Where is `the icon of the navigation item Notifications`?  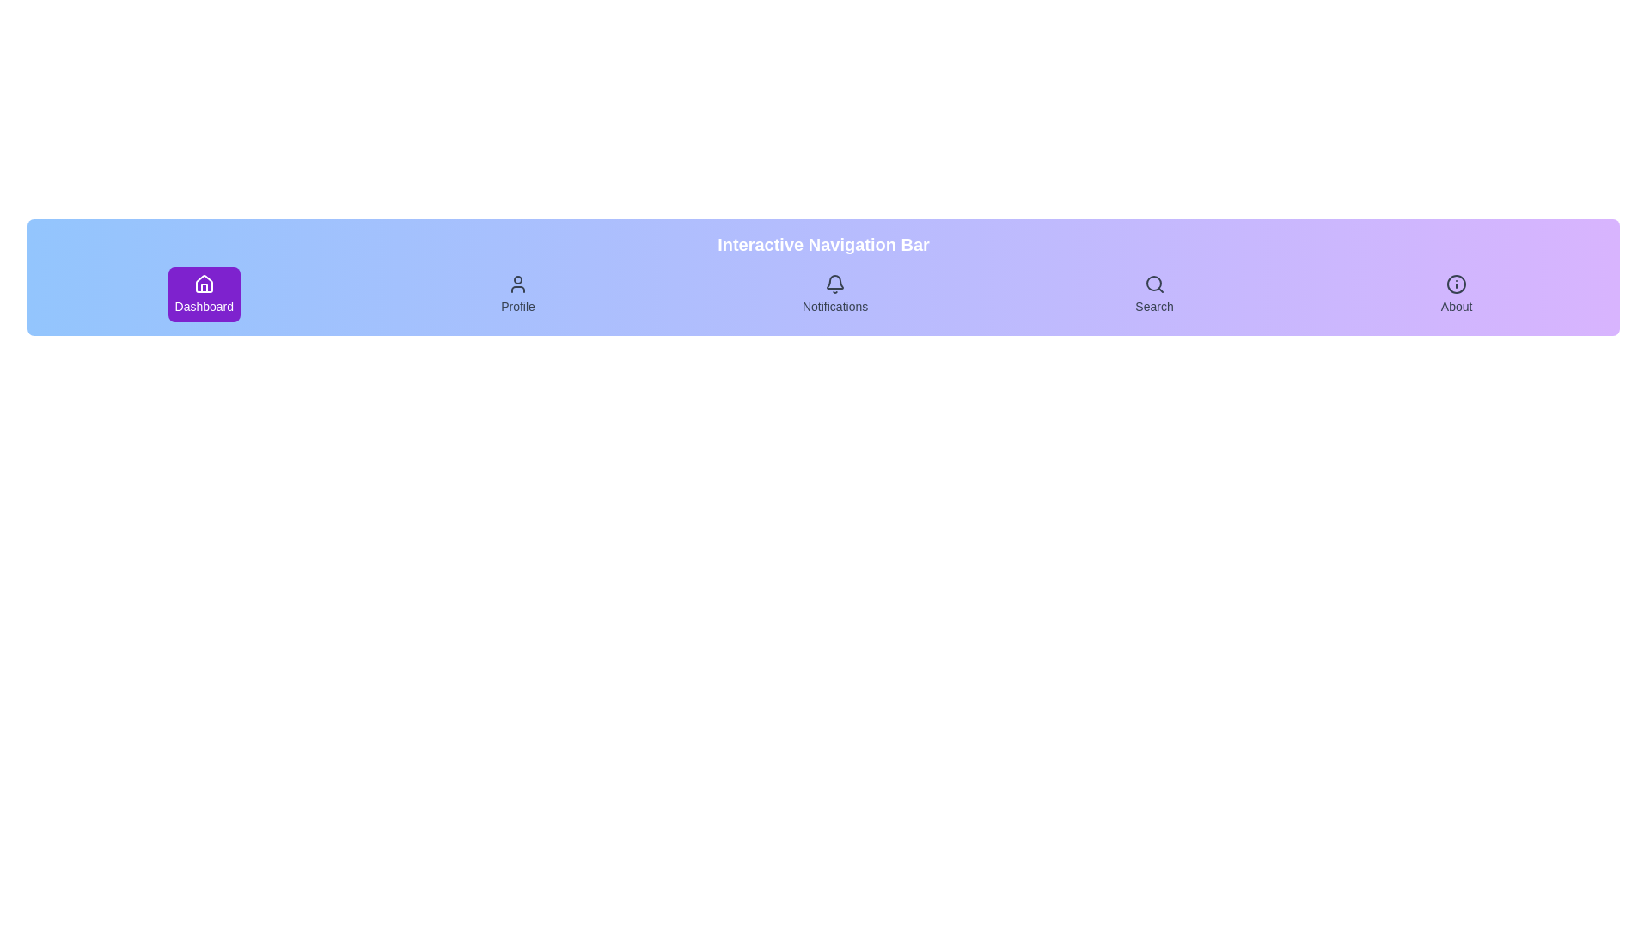
the icon of the navigation item Notifications is located at coordinates (835, 284).